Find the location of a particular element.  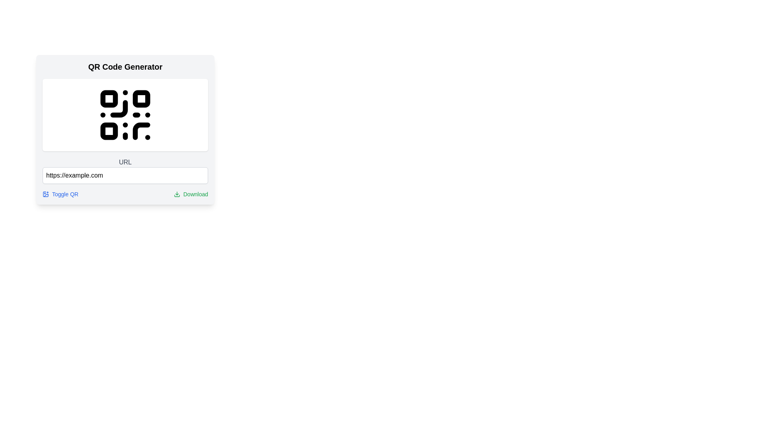

the small, black square with rounded corners located in the lower-left of the central QR code design is located at coordinates (109, 131).